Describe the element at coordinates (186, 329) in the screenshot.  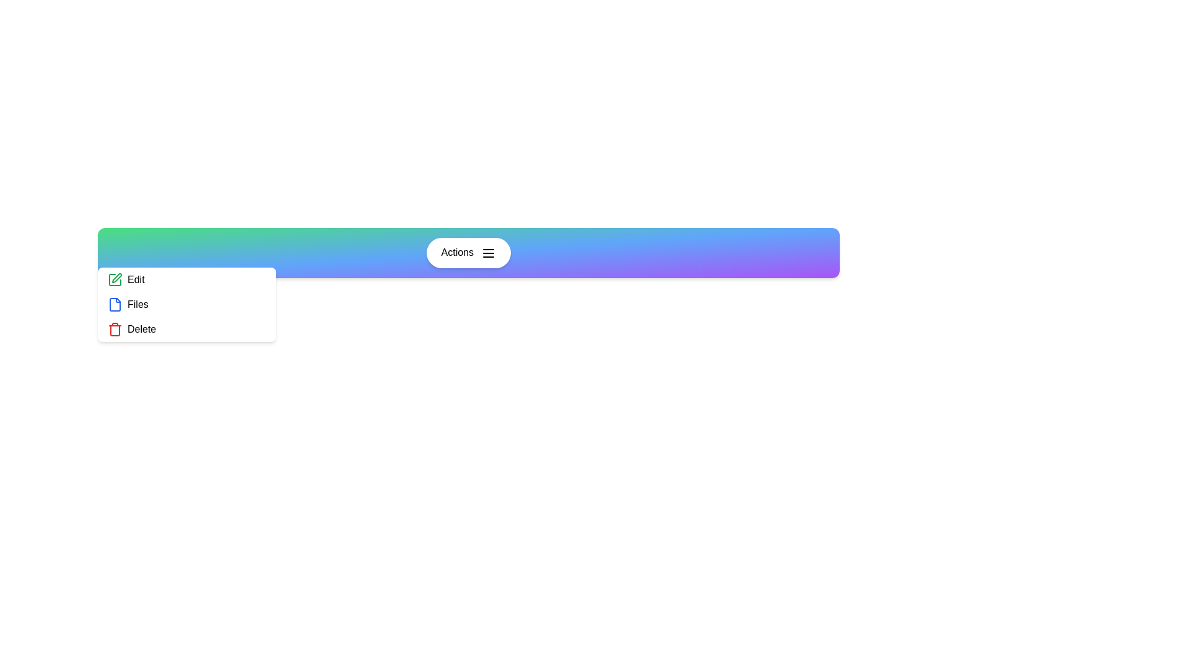
I see `the 'Delete' option in the menu` at that location.